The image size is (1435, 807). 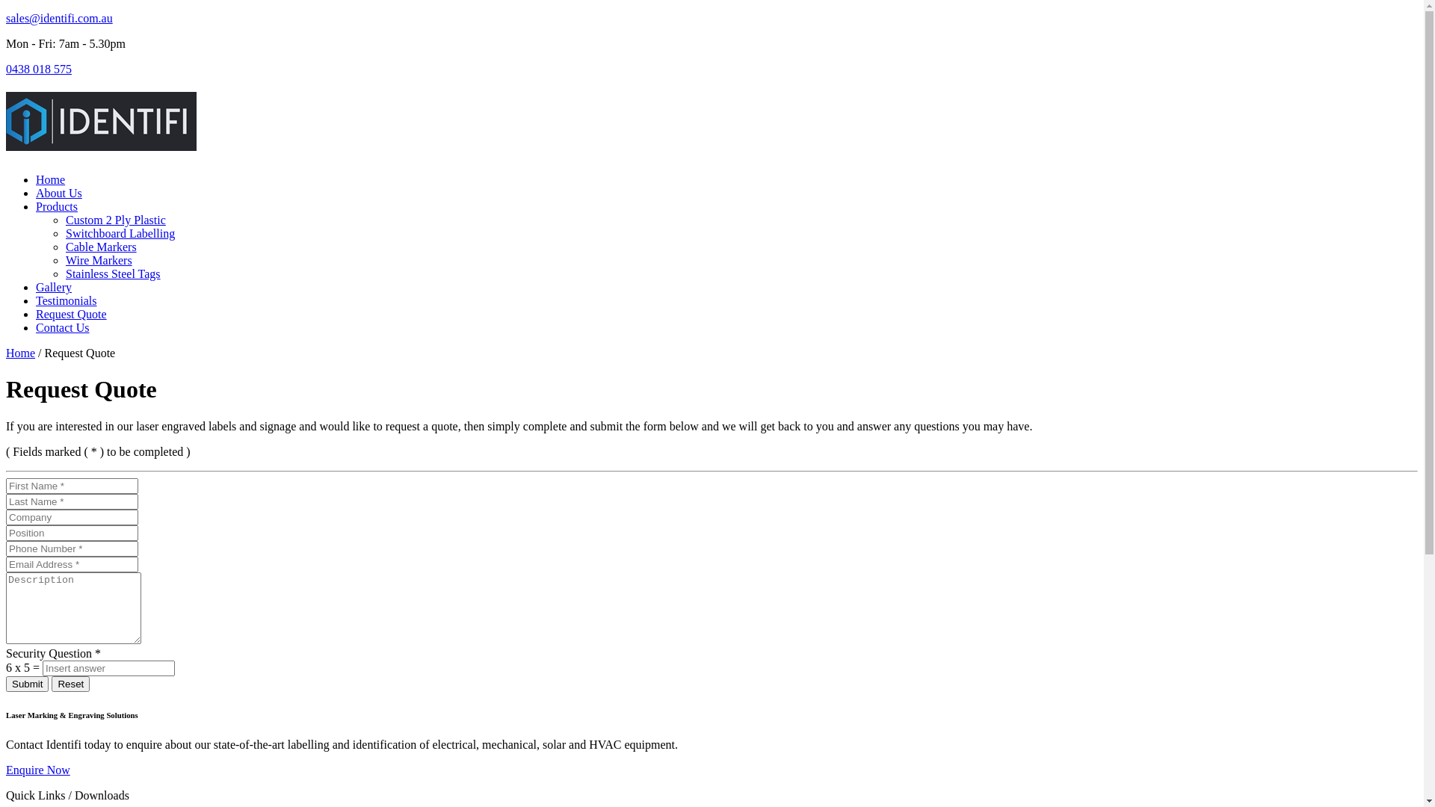 What do you see at coordinates (39, 69) in the screenshot?
I see `'0438 018 575'` at bounding box center [39, 69].